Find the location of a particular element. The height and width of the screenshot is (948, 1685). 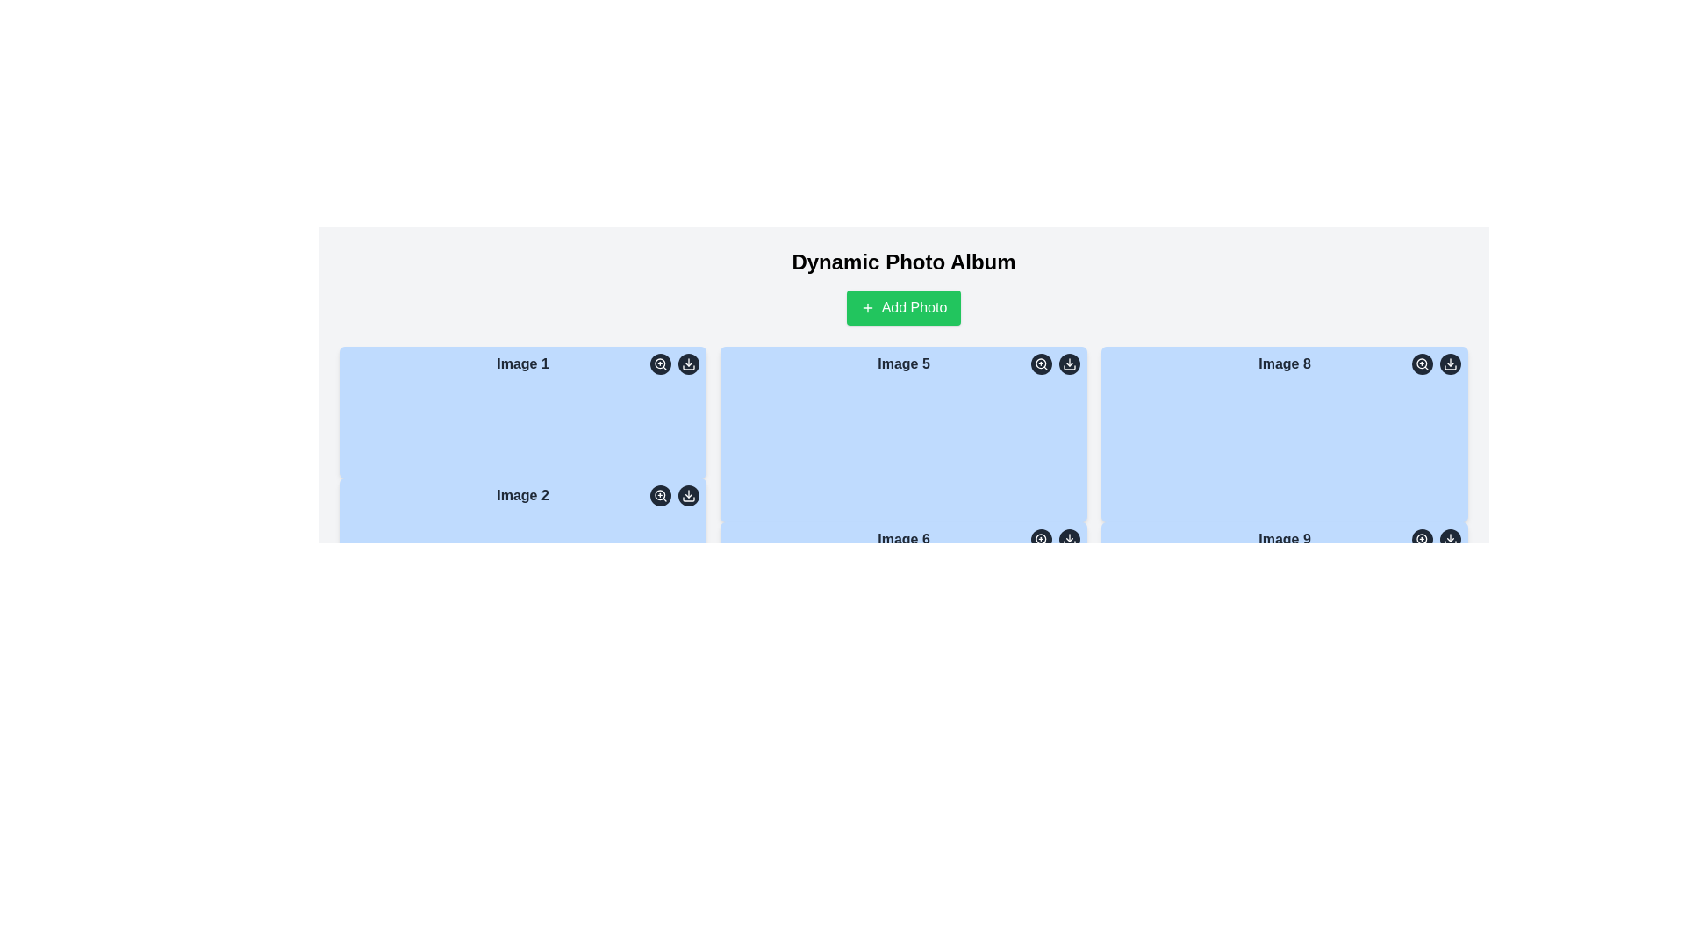

the download button located in the top-right corner of the 'Image 2' tile is located at coordinates (688, 671).